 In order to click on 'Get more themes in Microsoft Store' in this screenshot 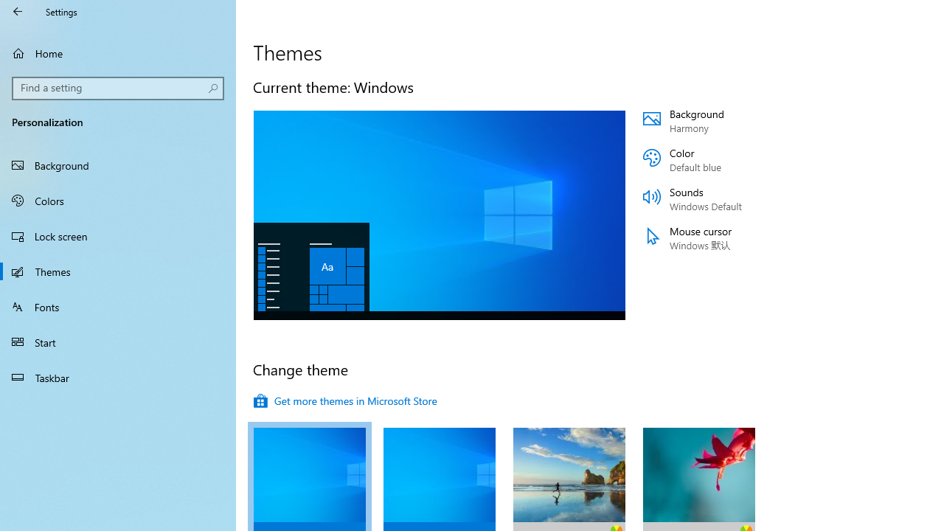, I will do `click(344, 400)`.